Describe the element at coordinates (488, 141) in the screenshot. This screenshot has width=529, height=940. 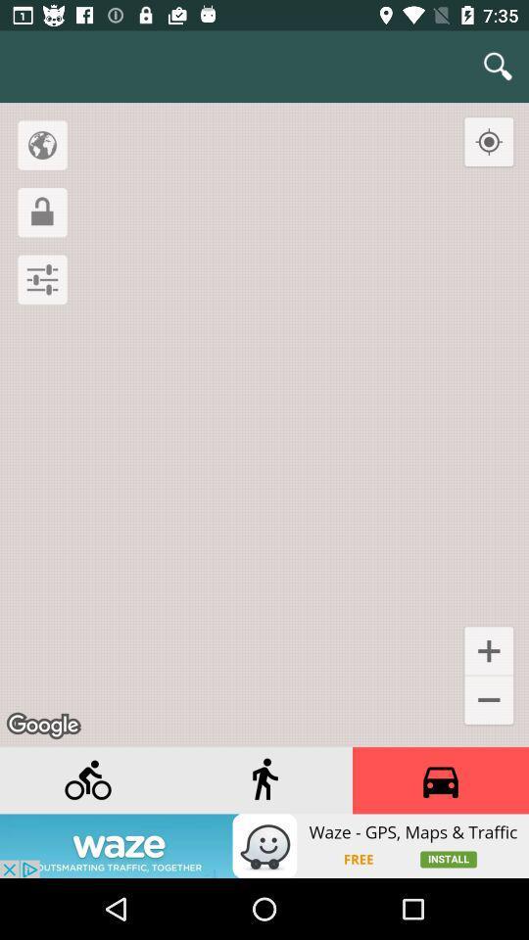
I see `the location_crosshair icon` at that location.